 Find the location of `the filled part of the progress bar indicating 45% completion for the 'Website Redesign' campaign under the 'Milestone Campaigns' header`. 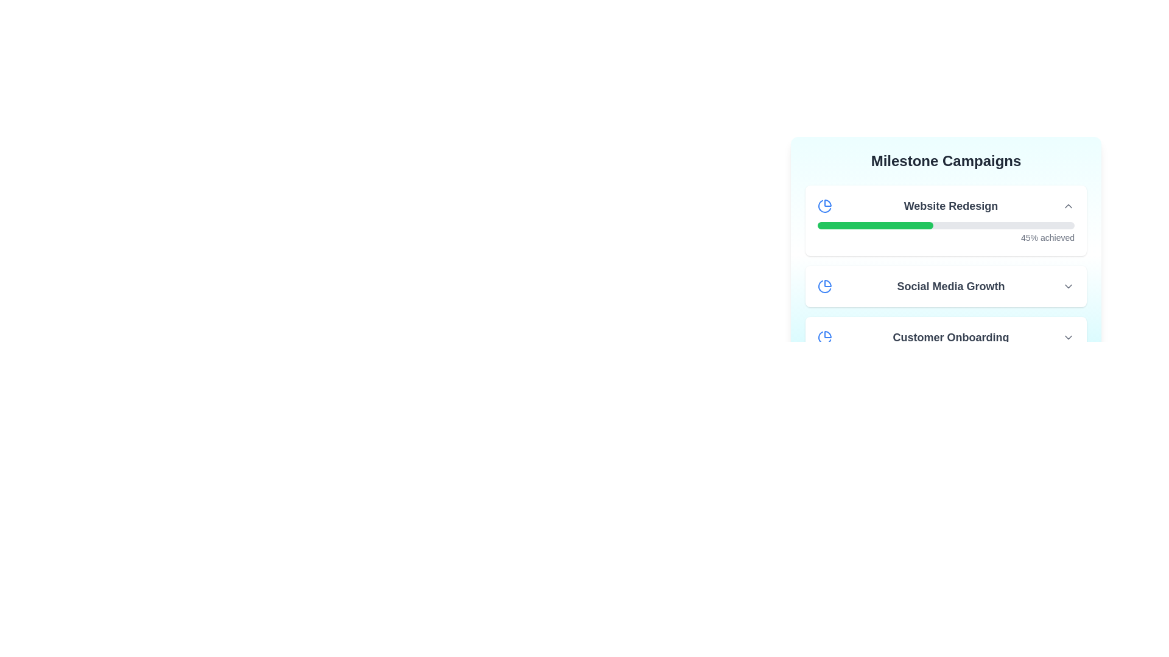

the filled part of the progress bar indicating 45% completion for the 'Website Redesign' campaign under the 'Milestone Campaigns' header is located at coordinates (874, 225).